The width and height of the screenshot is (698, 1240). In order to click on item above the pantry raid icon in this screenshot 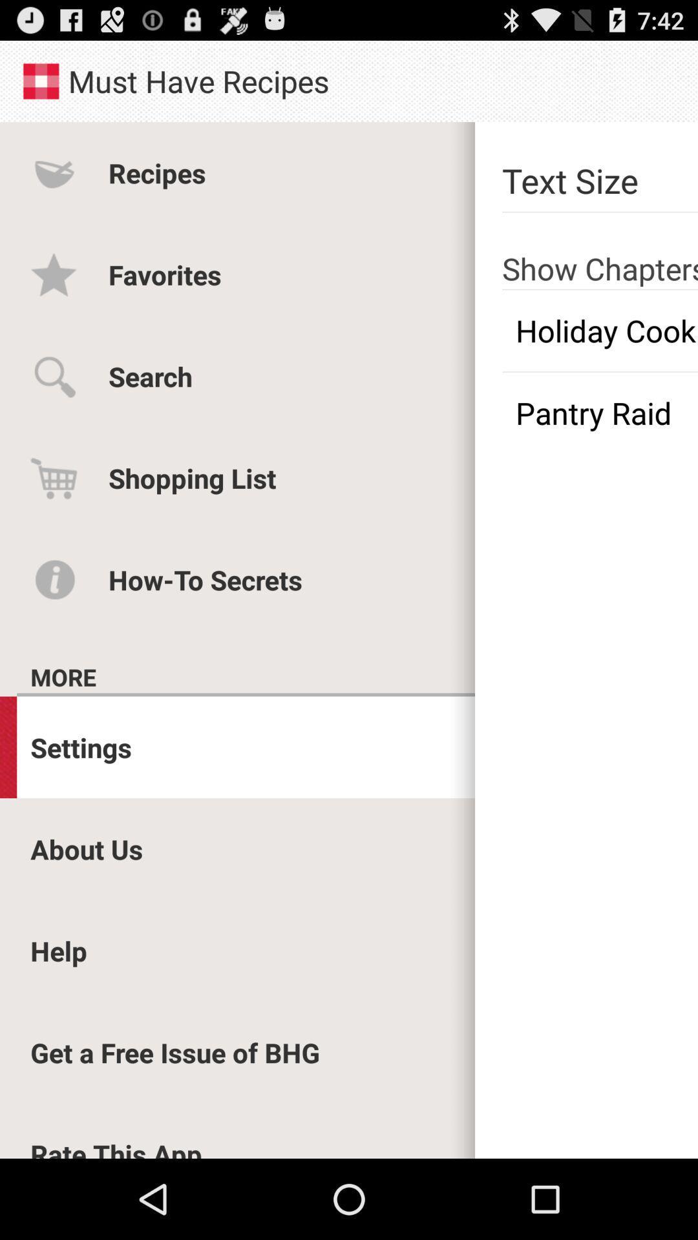, I will do `click(600, 331)`.